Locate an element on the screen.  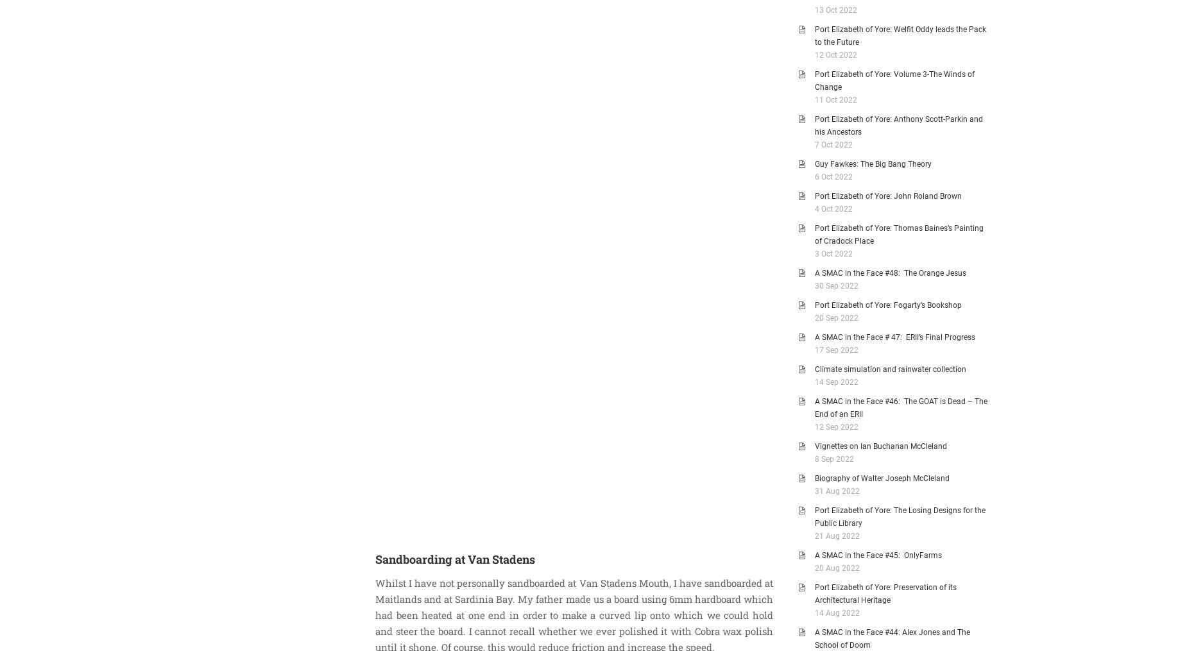
'Port Elizabeth of Yore: Anthony Scott-Parkin and his Ancestors' is located at coordinates (899, 124).